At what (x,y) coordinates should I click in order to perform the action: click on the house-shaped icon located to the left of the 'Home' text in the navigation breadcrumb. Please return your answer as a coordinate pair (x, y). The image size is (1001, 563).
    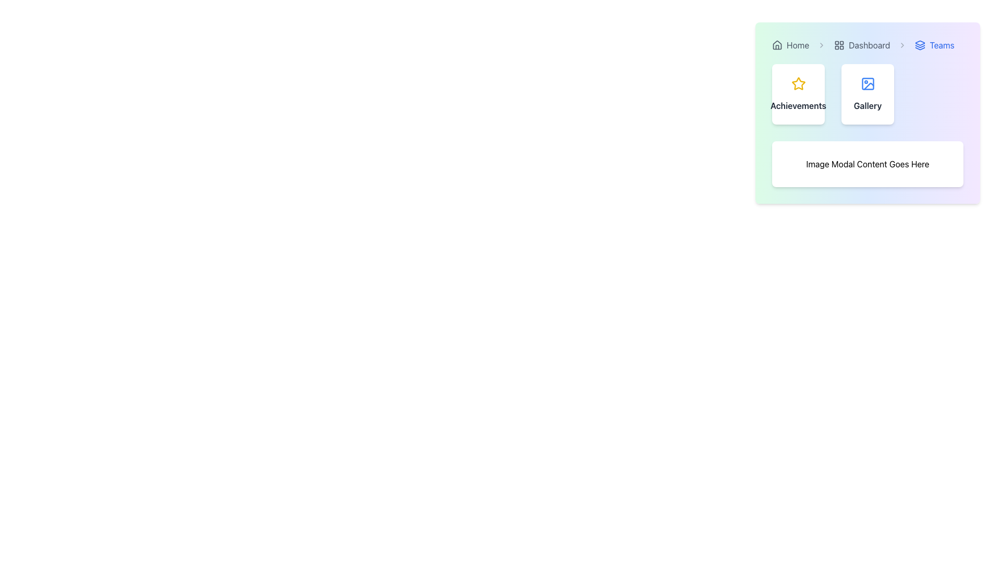
    Looking at the image, I should click on (777, 45).